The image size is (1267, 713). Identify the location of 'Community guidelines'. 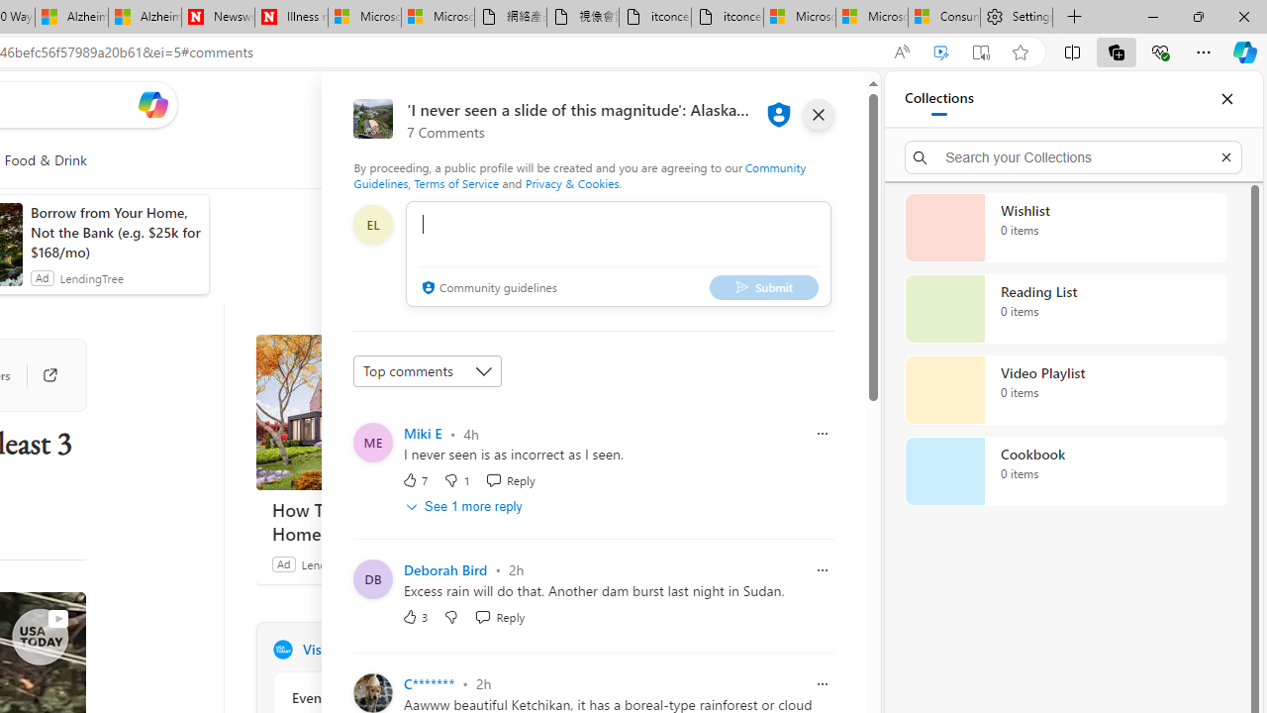
(487, 288).